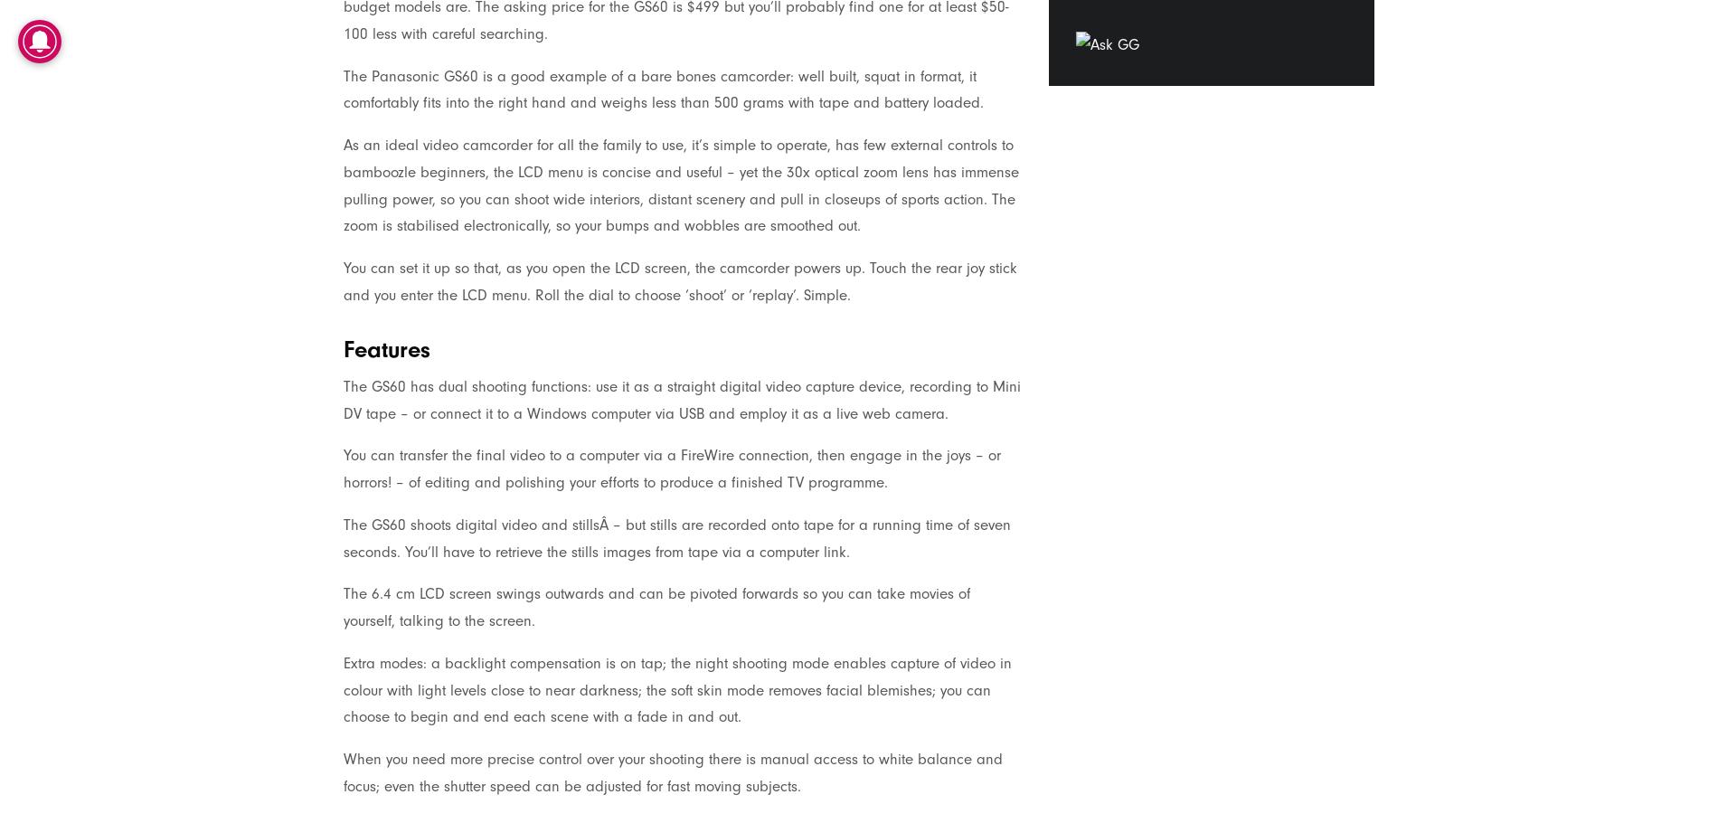  I want to click on 'The Panasonic GS60 is a good example of a bare bones camcorder: well built, squat in format, it comfortably fits into the right hand and weighs less than 500 grams with tape and battery loaded.', so click(662, 89).